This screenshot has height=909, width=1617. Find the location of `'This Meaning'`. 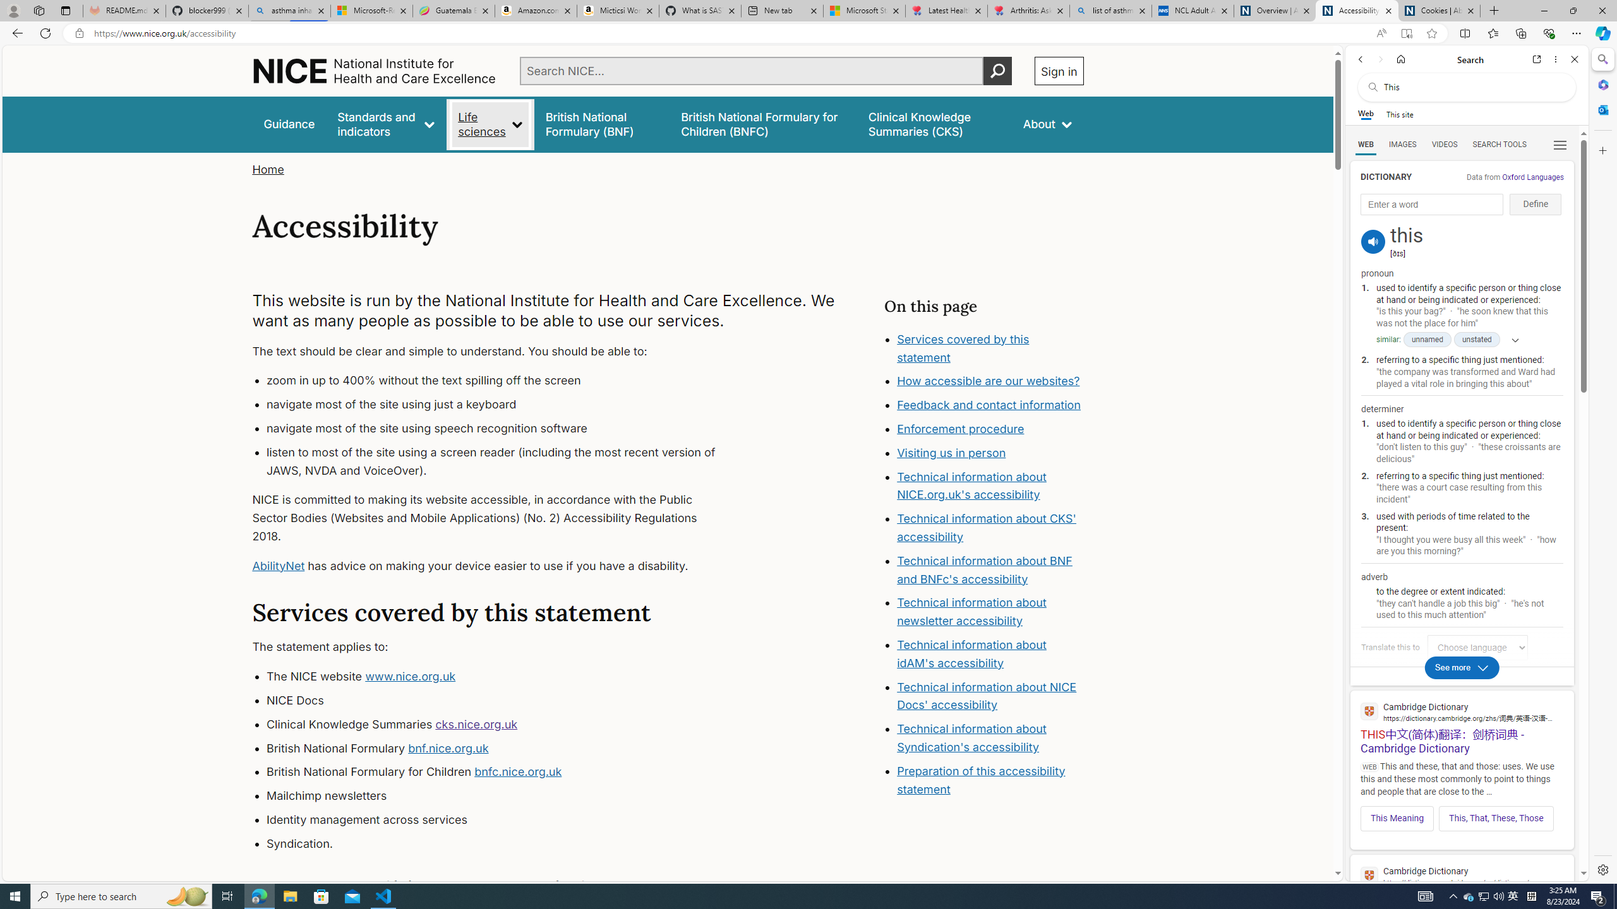

'This Meaning' is located at coordinates (1396, 817).